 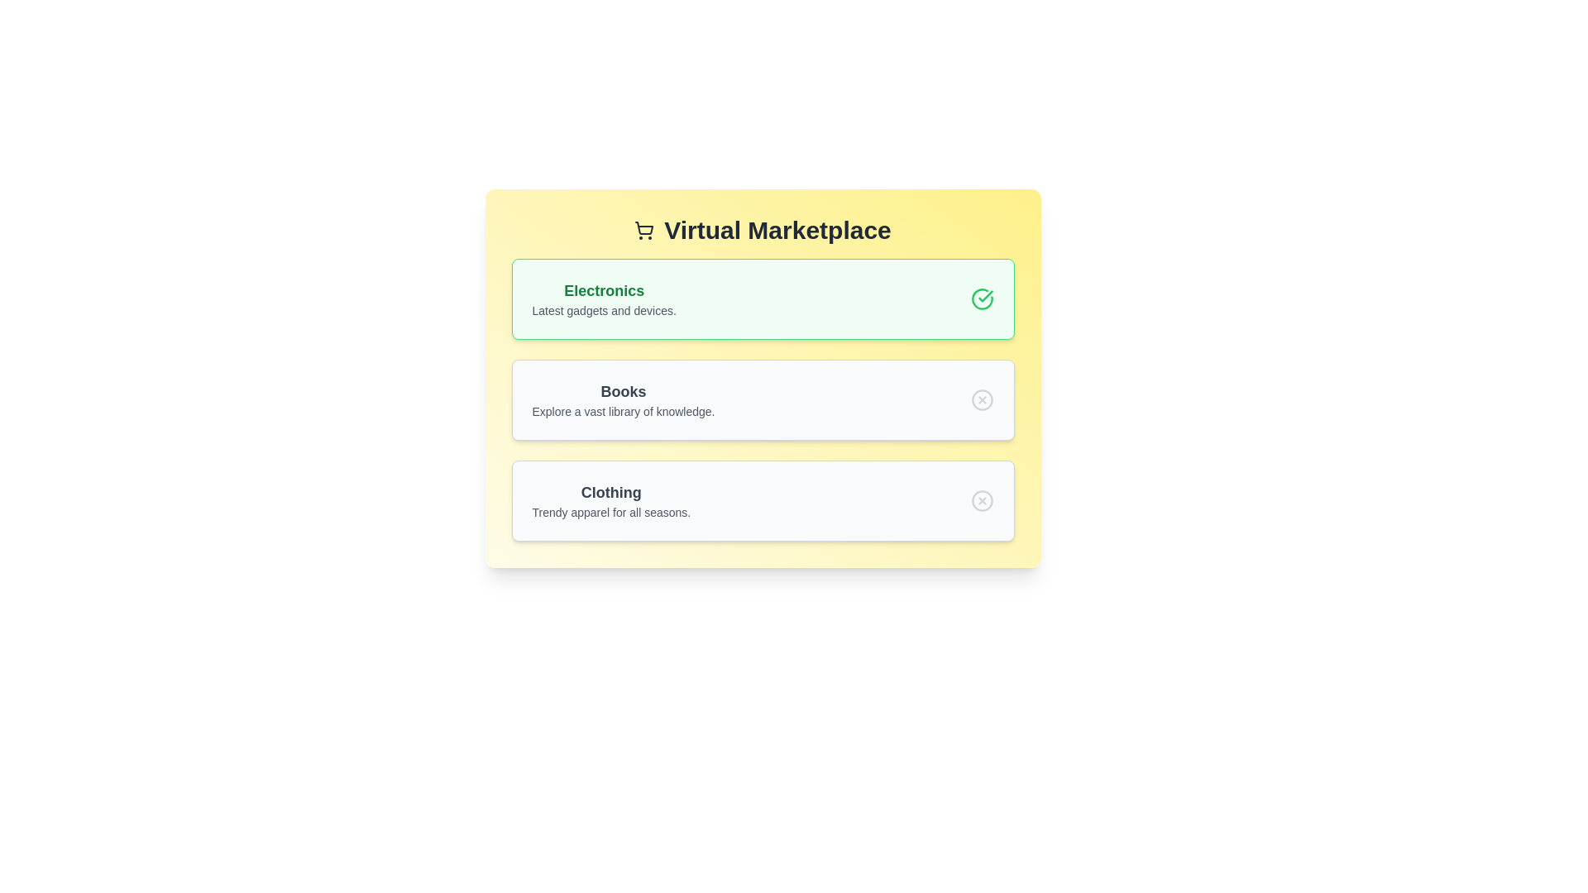 What do you see at coordinates (762, 230) in the screenshot?
I see `the title text 'Virtual Marketplace'` at bounding box center [762, 230].